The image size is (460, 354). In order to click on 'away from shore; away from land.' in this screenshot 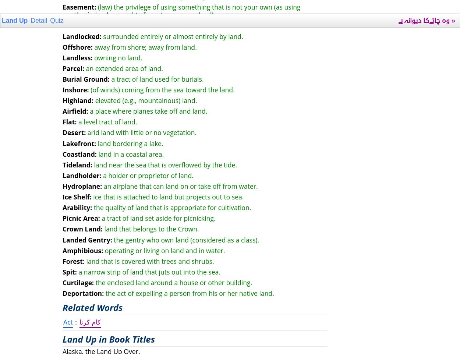, I will do `click(94, 46)`.